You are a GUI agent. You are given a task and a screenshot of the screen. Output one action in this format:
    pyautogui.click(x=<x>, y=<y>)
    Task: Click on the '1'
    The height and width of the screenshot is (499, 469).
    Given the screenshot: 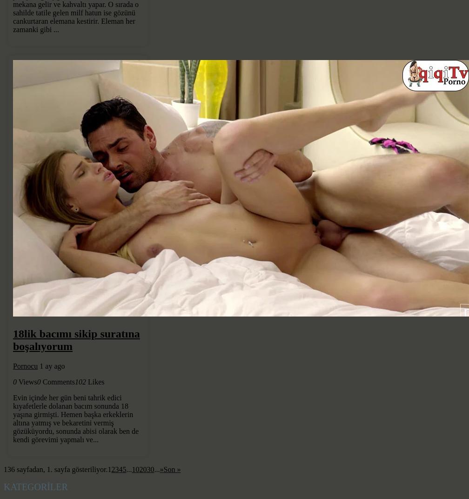 What is the action you would take?
    pyautogui.click(x=107, y=469)
    